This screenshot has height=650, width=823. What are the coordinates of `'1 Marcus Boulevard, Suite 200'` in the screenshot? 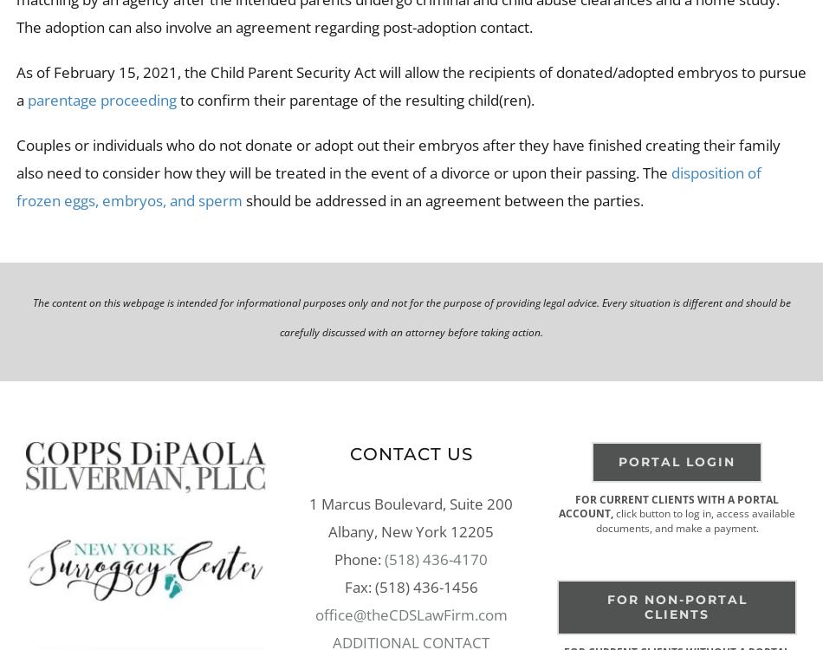 It's located at (410, 502).